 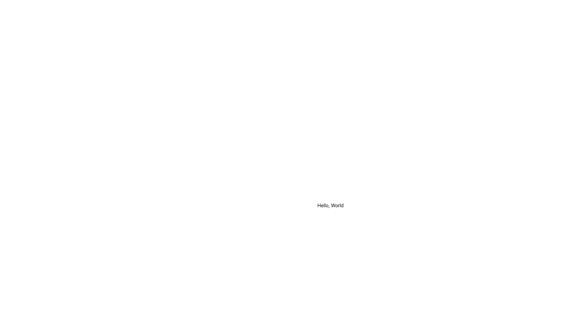 I want to click on text displayed in the Text Display element that shows 'Hello, World.', so click(x=330, y=205).